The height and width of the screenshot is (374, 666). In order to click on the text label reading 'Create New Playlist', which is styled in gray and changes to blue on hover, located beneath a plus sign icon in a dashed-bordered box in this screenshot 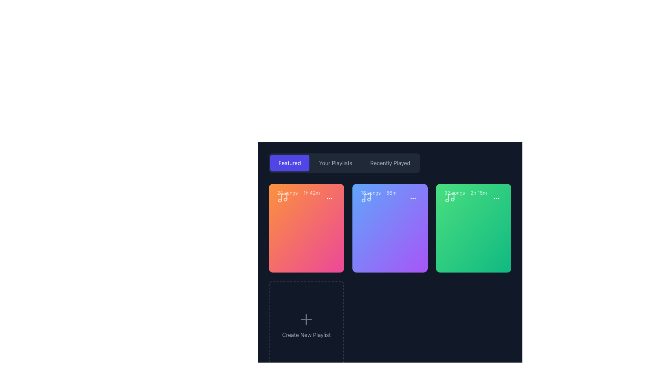, I will do `click(306, 335)`.